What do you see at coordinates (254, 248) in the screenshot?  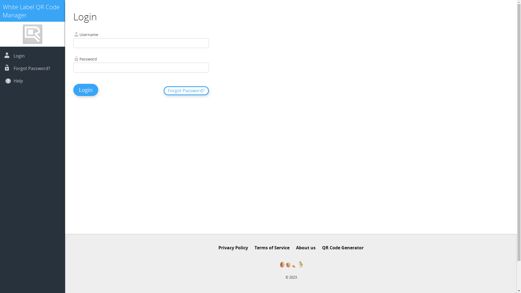 I see `'Terms of Service'` at bounding box center [254, 248].